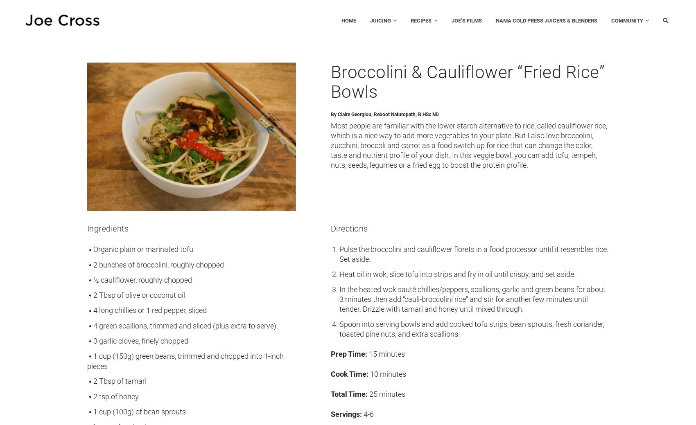  What do you see at coordinates (349, 373) in the screenshot?
I see `'Cook Time:'` at bounding box center [349, 373].